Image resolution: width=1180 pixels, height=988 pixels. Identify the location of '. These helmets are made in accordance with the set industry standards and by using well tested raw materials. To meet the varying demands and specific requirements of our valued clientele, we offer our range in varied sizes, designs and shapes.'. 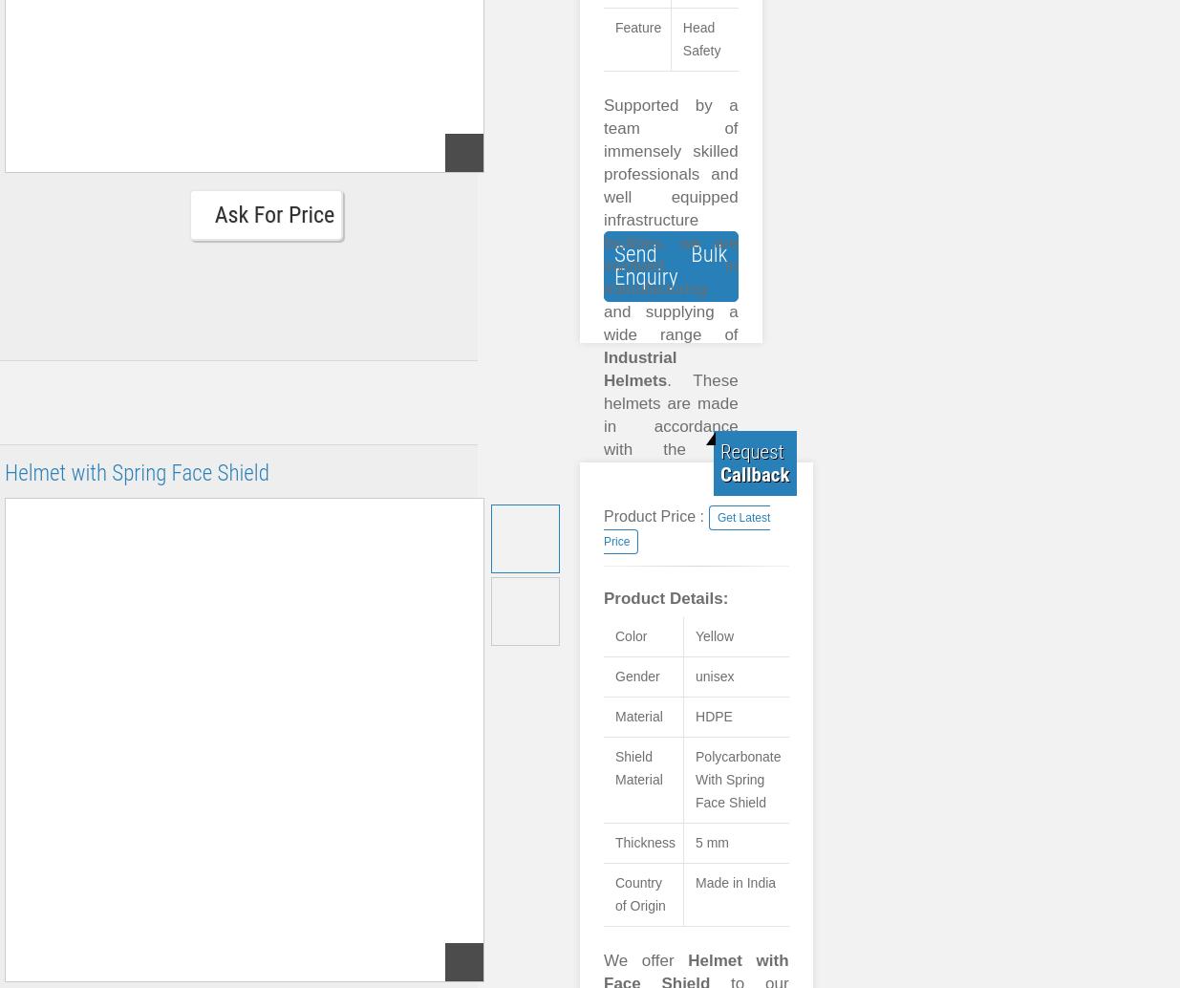
(670, 575).